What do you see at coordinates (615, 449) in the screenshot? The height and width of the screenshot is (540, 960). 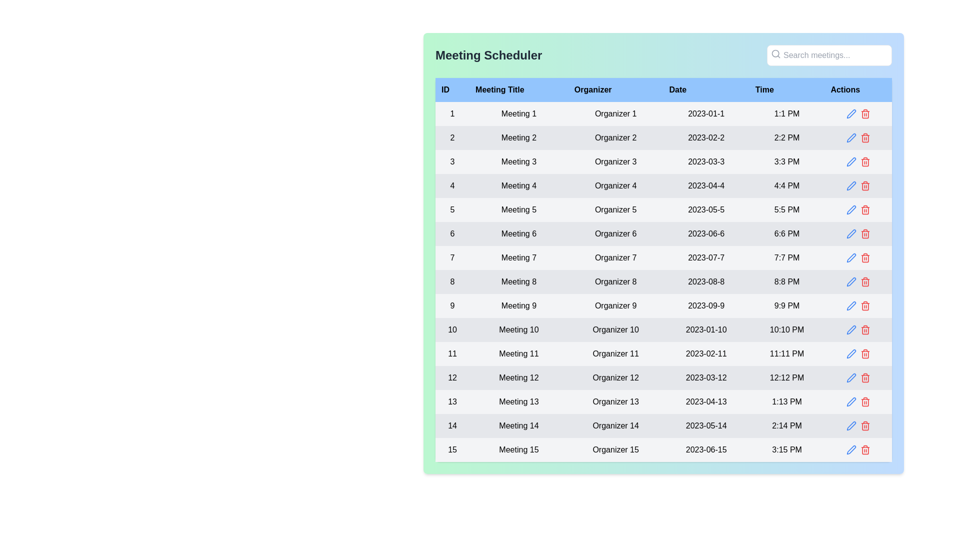 I see `the informational label indicating the organizer of the meeting in row 15 of the table, located in the Organizer column between 'Meeting Title' and 'Date'` at bounding box center [615, 449].